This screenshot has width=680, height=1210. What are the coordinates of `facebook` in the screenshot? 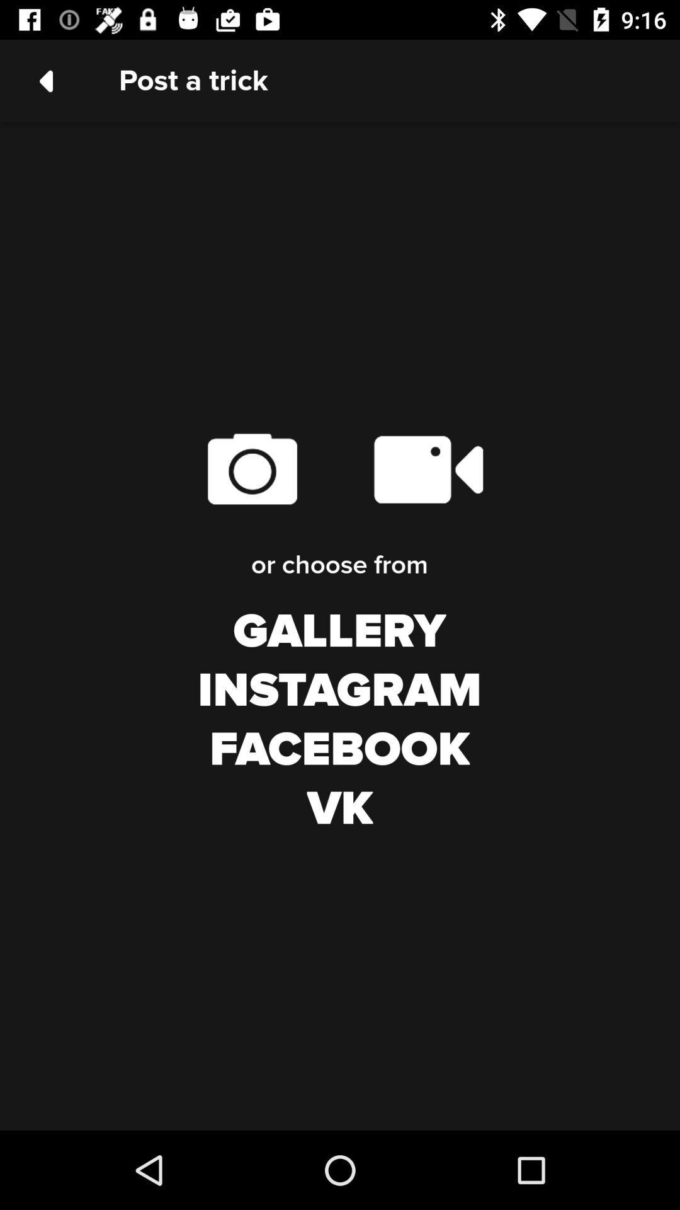 It's located at (339, 750).